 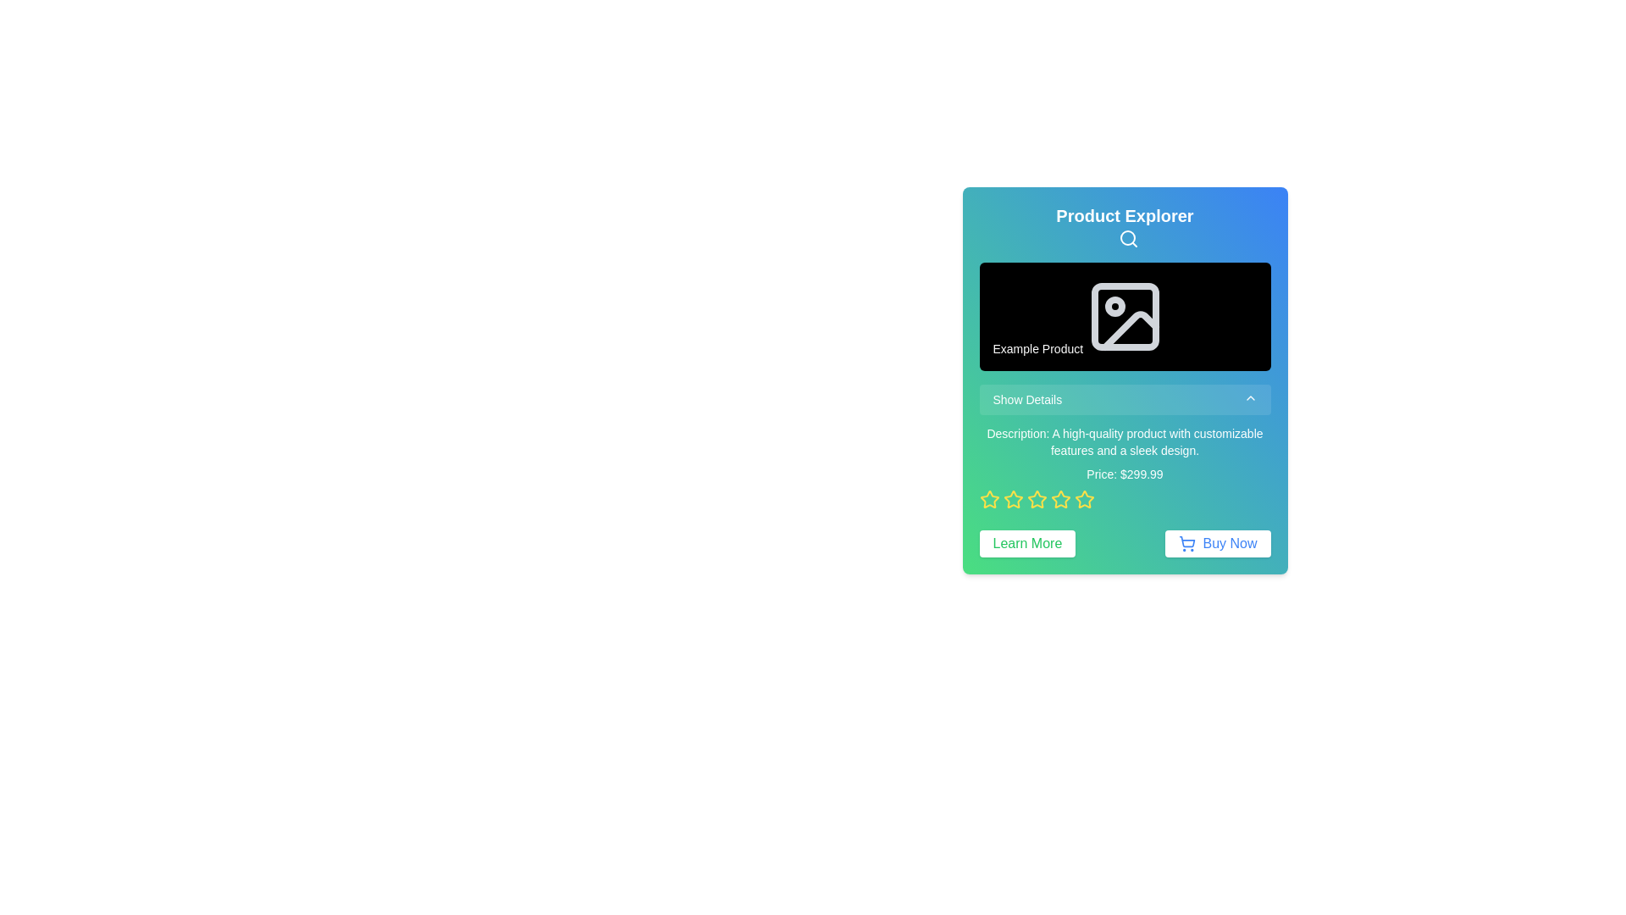 What do you see at coordinates (1125, 316) in the screenshot?
I see `the prominent graphical placeholder icon in the product catalog interface, located in the top-central section of the product card under the 'Product Explorer' title and above the text 'Example Product'` at bounding box center [1125, 316].